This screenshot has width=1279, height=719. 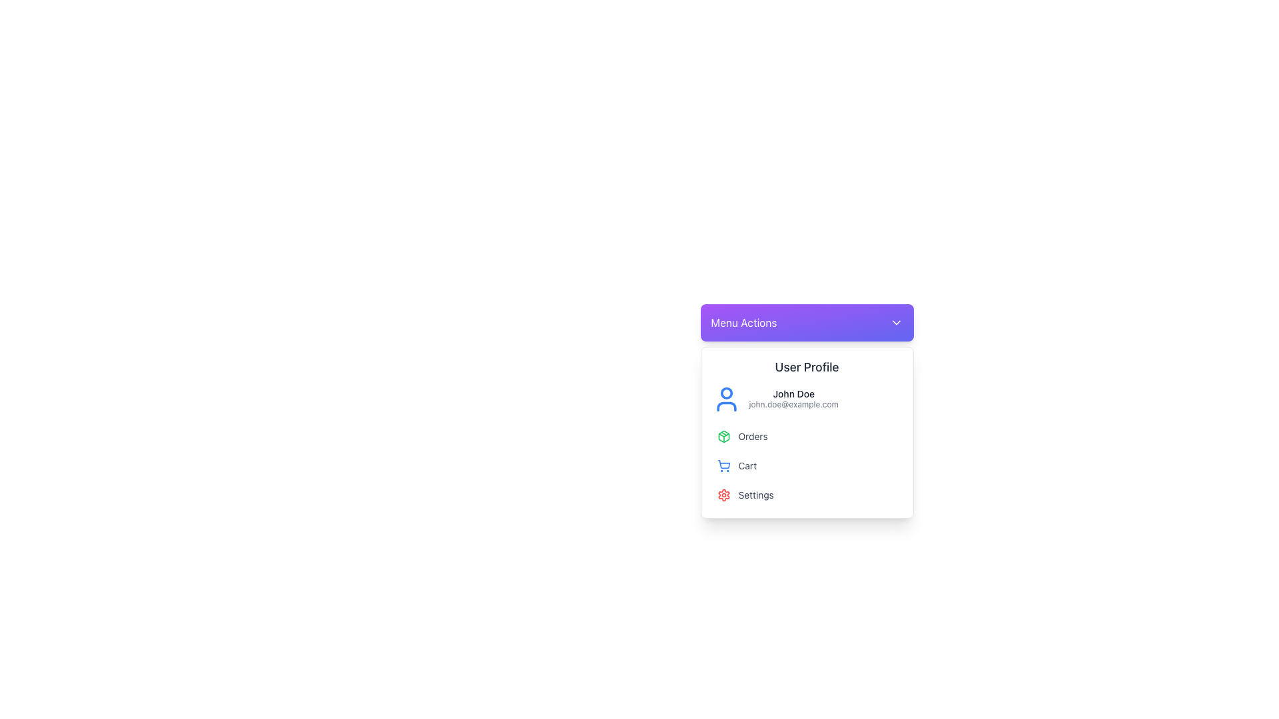 What do you see at coordinates (806, 436) in the screenshot?
I see `the 'Orders' menu item located in the User Profile section` at bounding box center [806, 436].